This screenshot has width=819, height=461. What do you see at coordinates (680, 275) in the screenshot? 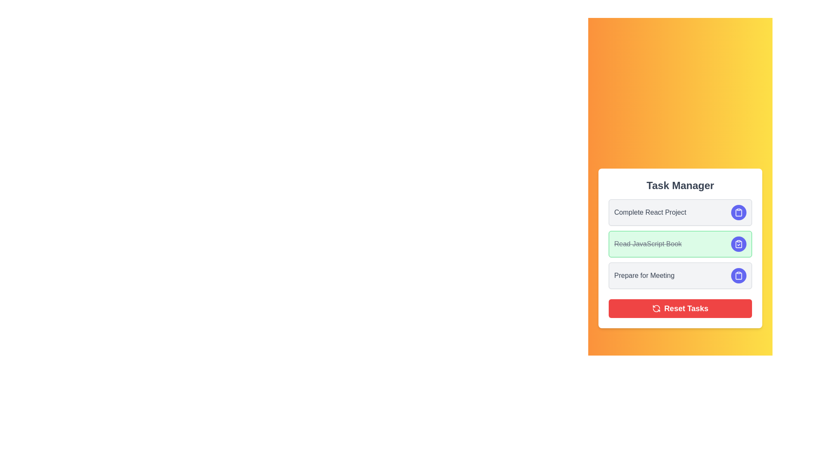
I see `the interactive button labeled 'Prepare for Meeting'` at bounding box center [680, 275].